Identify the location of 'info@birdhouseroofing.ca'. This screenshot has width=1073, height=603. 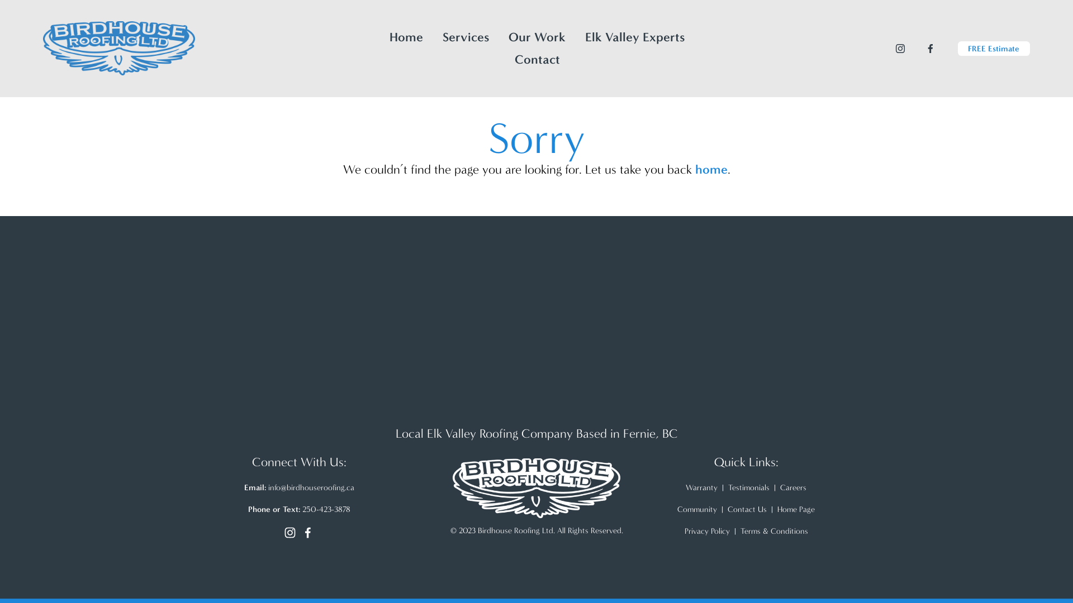
(311, 487).